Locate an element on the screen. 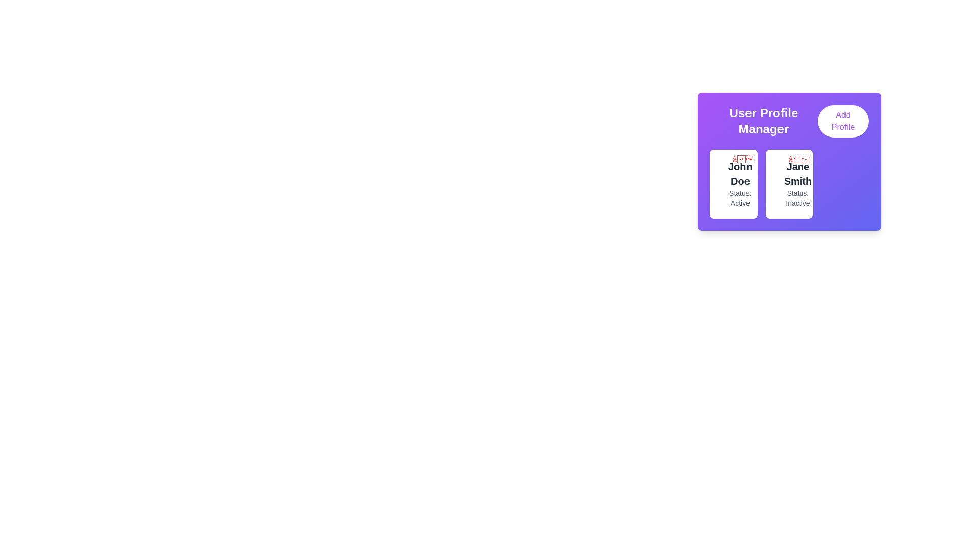 This screenshot has height=548, width=975. the SVG graphical shape (rectangle) located within the first profile card labeled 'John Doe' is located at coordinates (726, 178).